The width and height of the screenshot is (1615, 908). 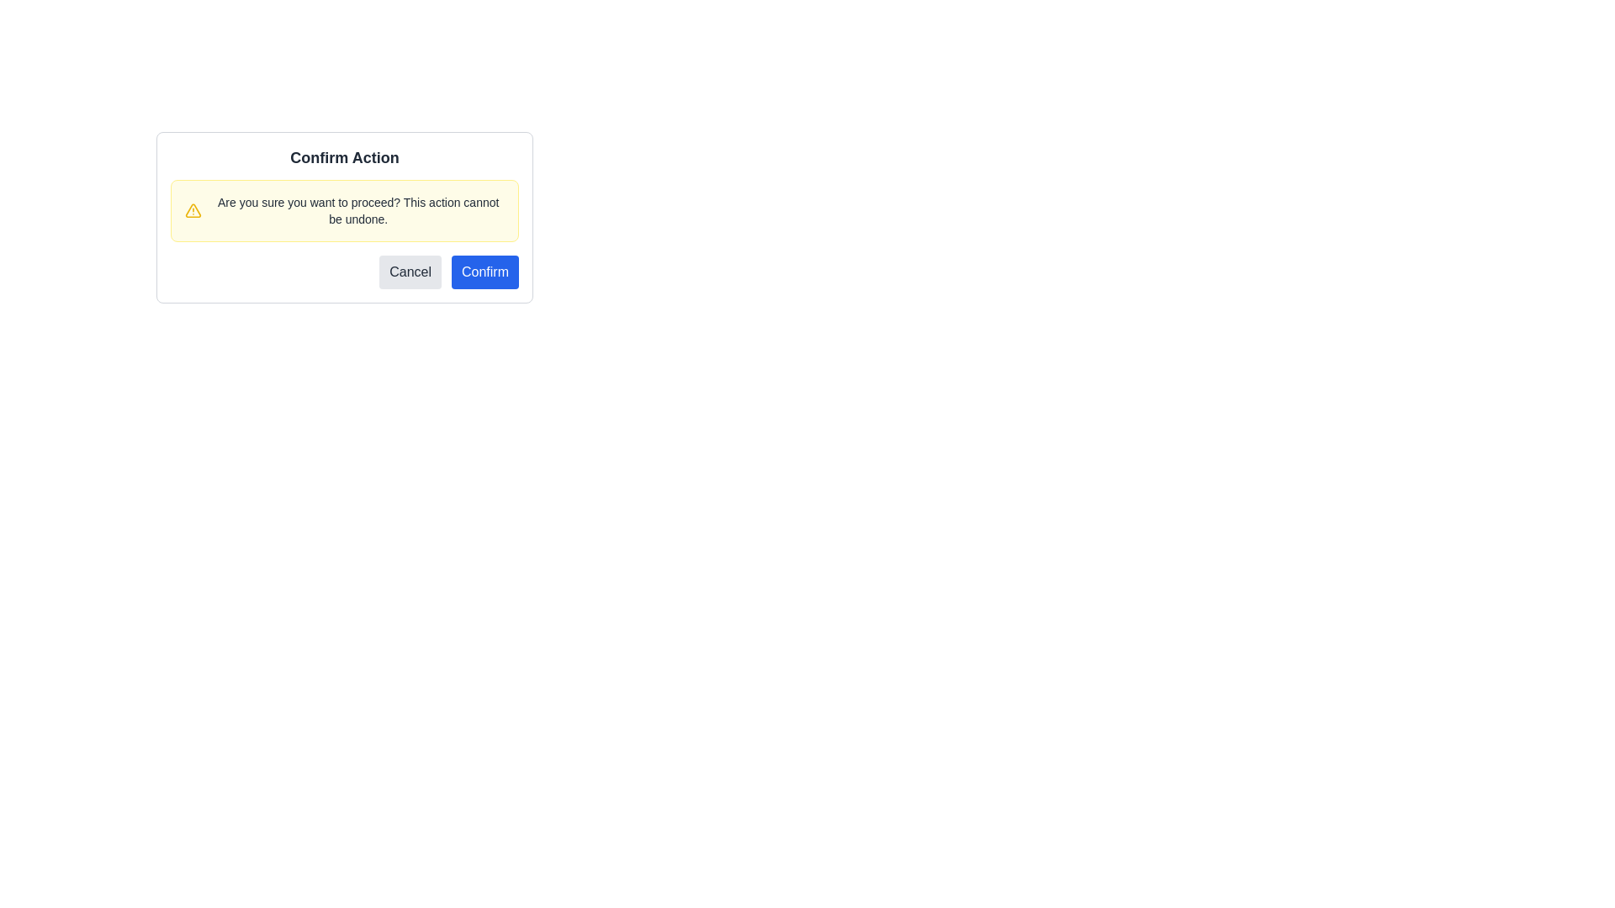 What do you see at coordinates (484, 272) in the screenshot?
I see `the confirmation button located on the right side of the dialog box, which is the second button next to the gray 'Cancel' button` at bounding box center [484, 272].